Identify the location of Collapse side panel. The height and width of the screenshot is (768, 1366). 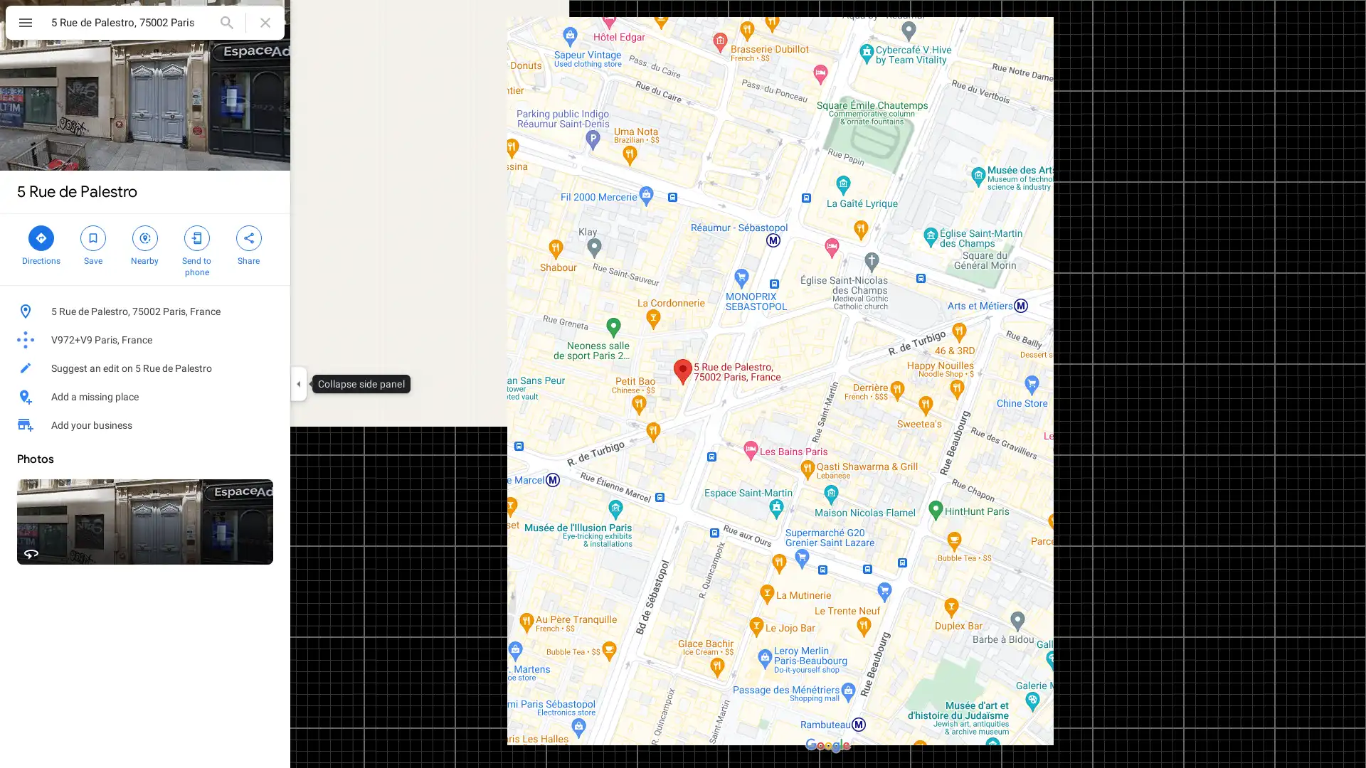
(297, 384).